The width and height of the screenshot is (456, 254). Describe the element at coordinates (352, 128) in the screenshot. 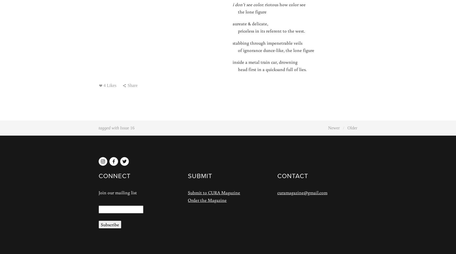

I see `'Older'` at that location.